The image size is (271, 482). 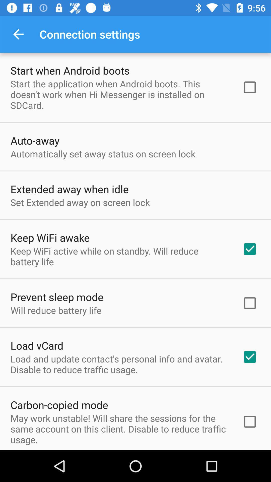 What do you see at coordinates (37, 345) in the screenshot?
I see `the item below will reduce battery icon` at bounding box center [37, 345].